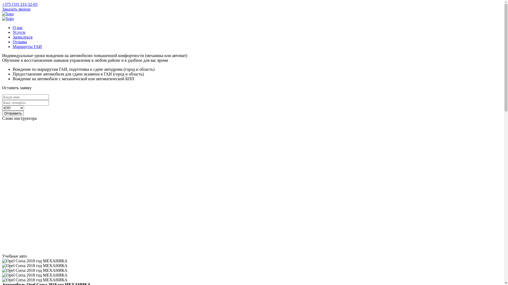 Image resolution: width=508 pixels, height=285 pixels. What do you see at coordinates (20, 4) in the screenshot?
I see `'+375 (33) 333-32-03'` at bounding box center [20, 4].